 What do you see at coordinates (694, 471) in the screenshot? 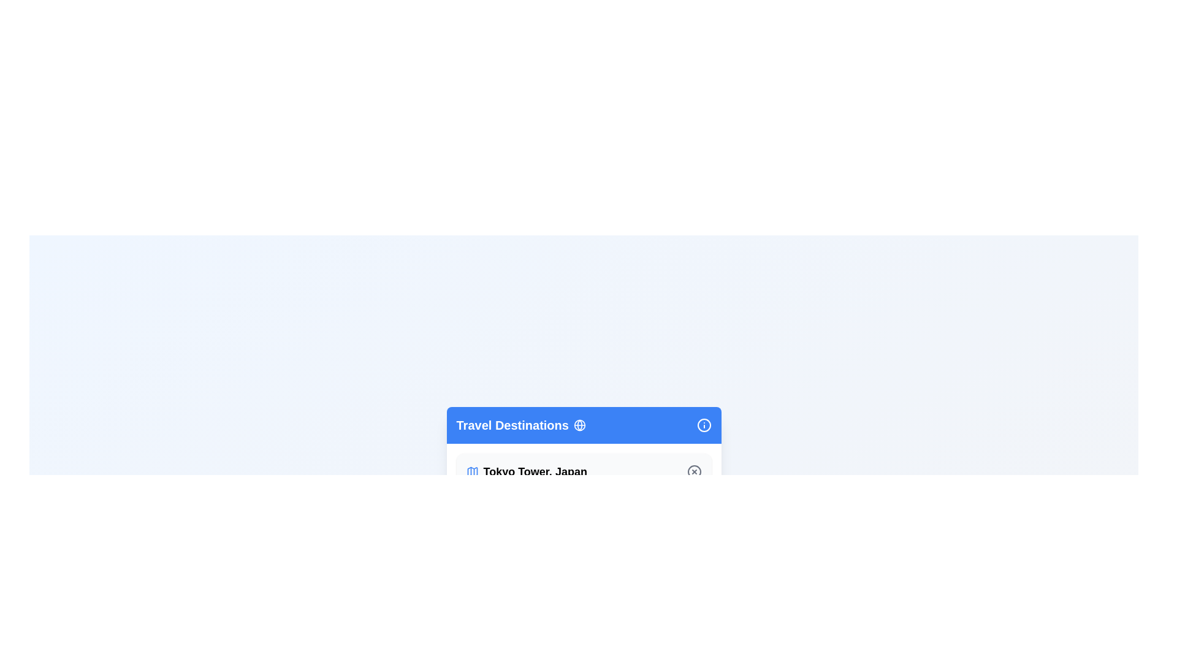
I see `the remove button located in the bottom-right portion of the 'Travel Destinations' card interface next to 'Tokyo Tower, Japan'` at bounding box center [694, 471].